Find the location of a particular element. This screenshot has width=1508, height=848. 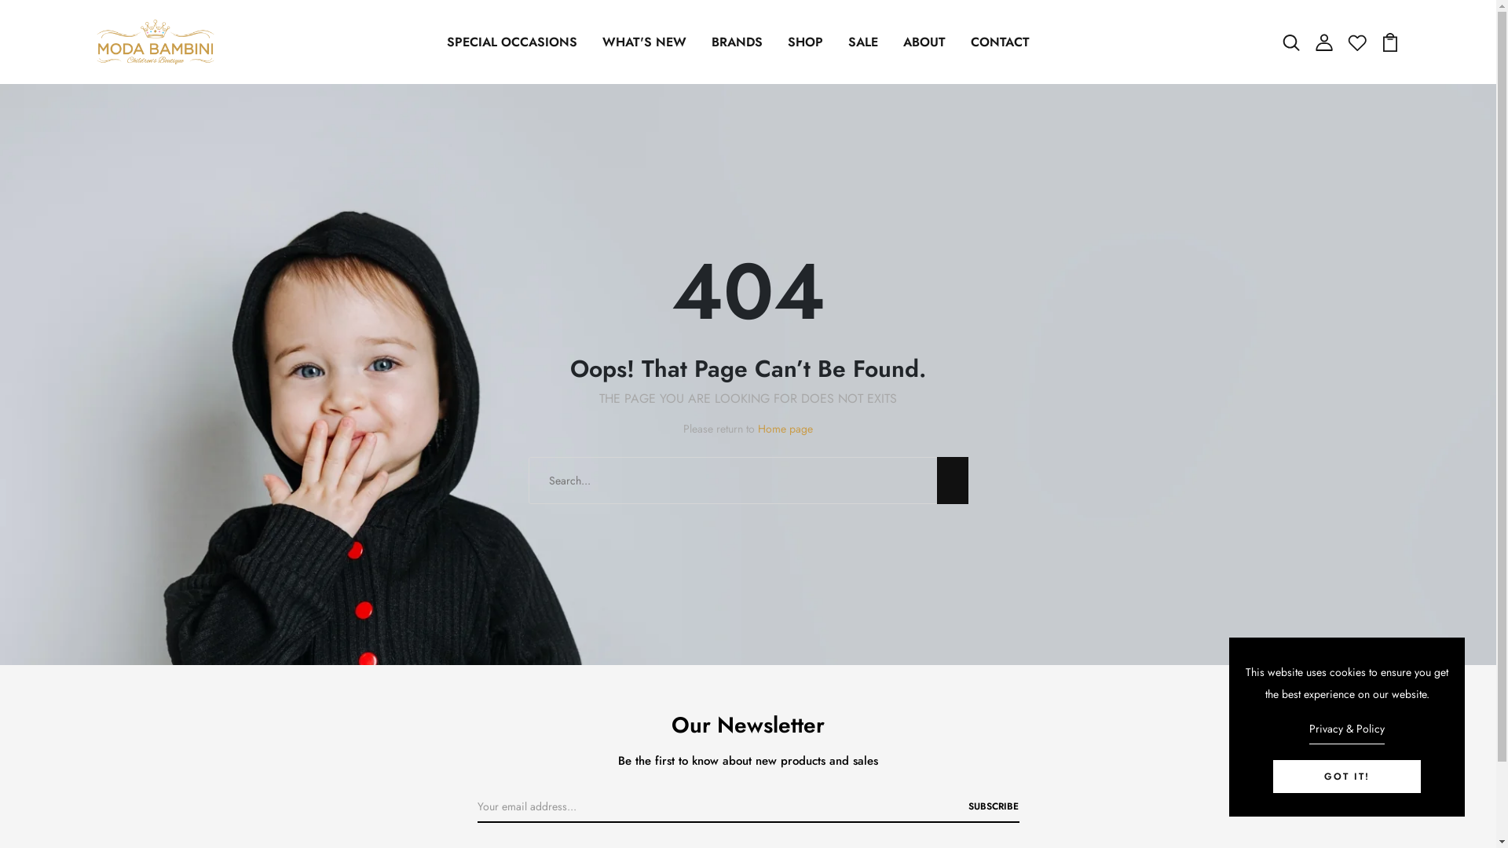

'GOT IT!' is located at coordinates (1345, 775).